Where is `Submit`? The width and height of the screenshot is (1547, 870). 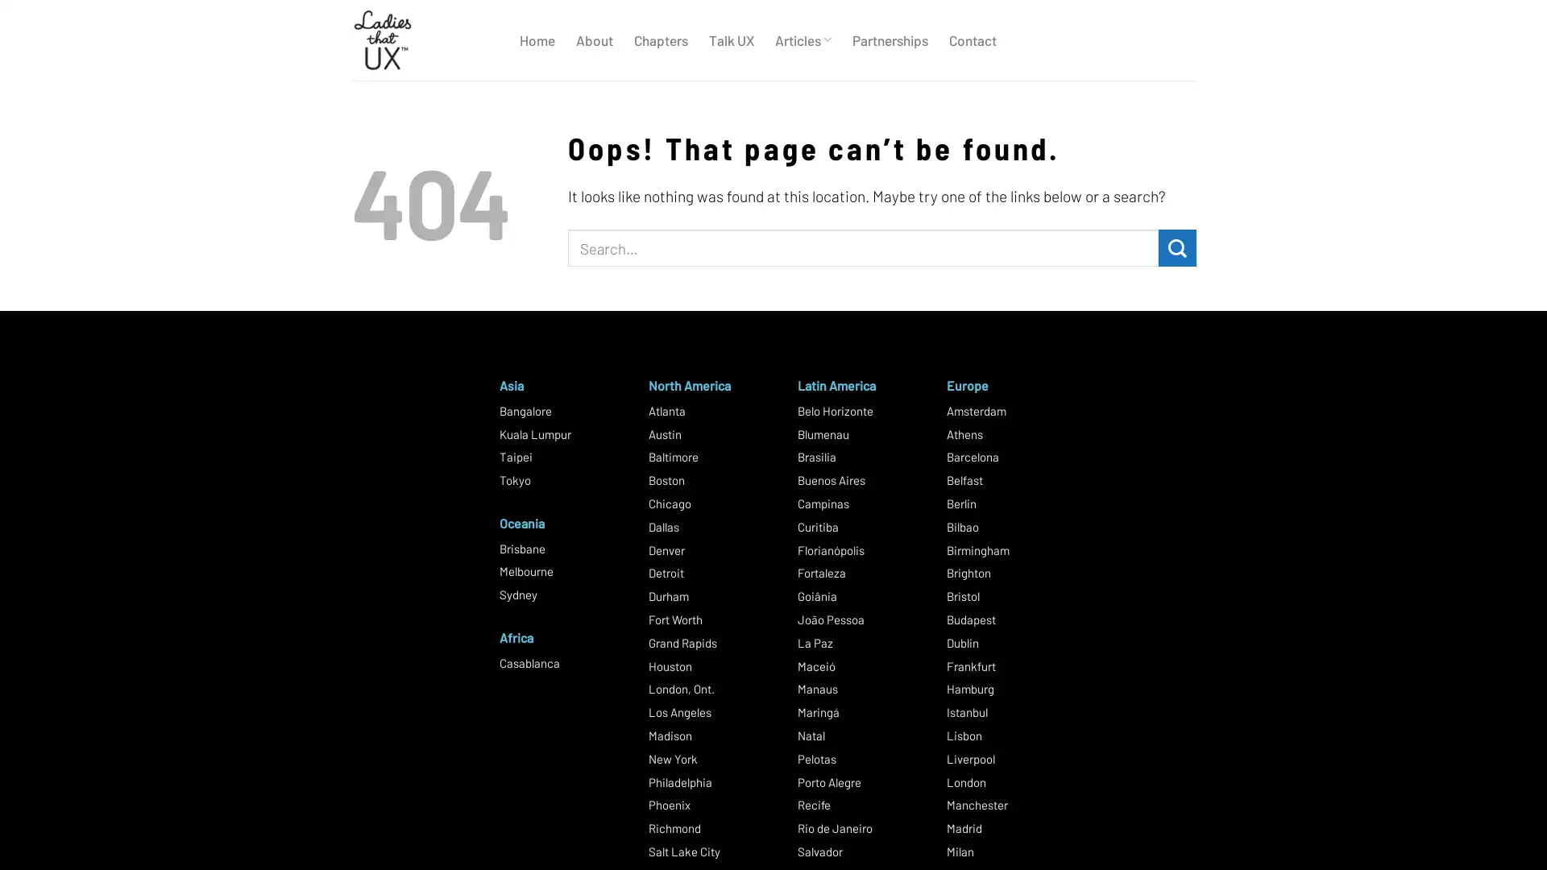 Submit is located at coordinates (1177, 247).